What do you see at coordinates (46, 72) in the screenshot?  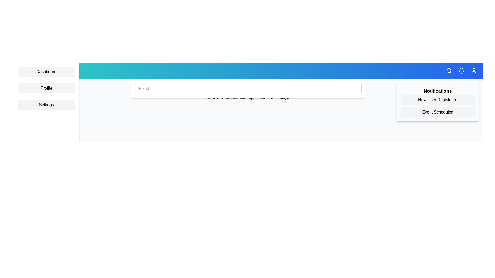 I see `the 'Dashboard' button, which is a rectangular button with rounded corners located in the sidebar section` at bounding box center [46, 72].